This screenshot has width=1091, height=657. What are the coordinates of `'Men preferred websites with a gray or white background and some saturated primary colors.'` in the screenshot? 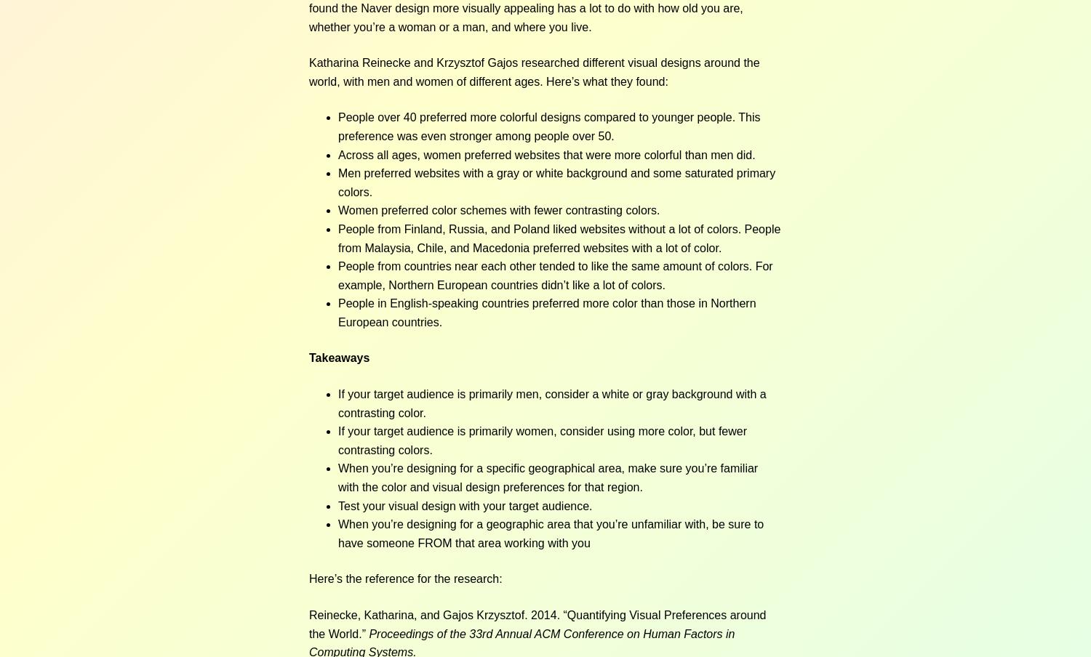 It's located at (556, 182).